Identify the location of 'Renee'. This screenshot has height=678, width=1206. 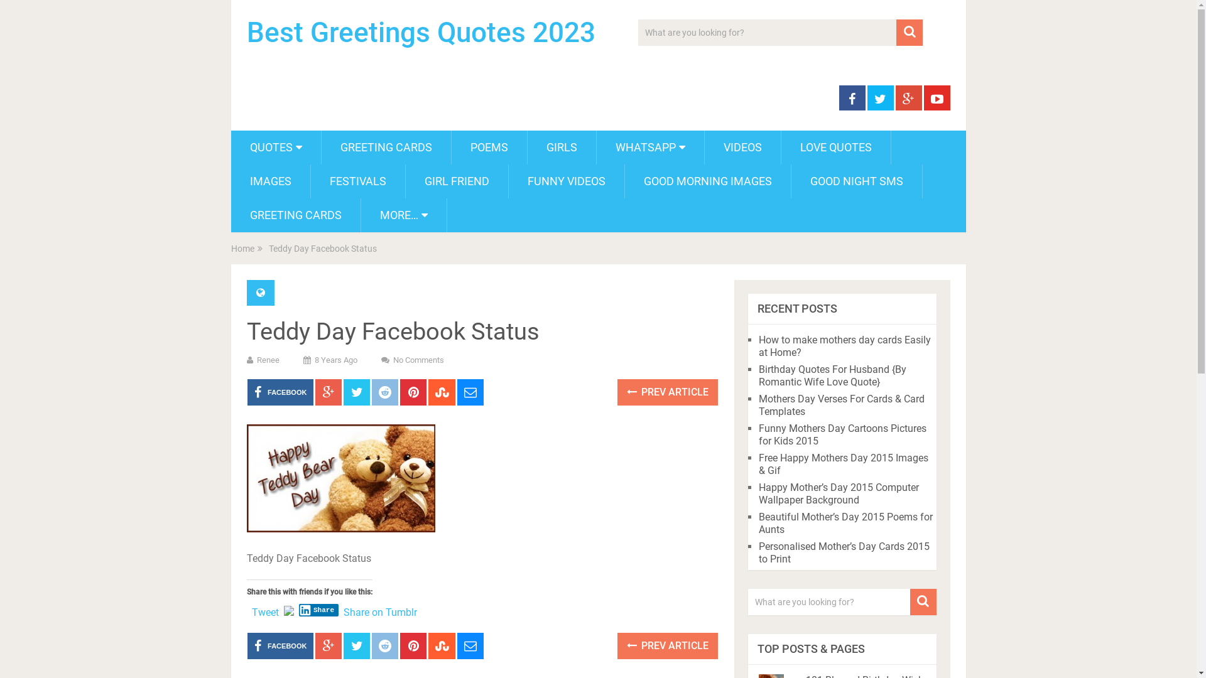
(267, 360).